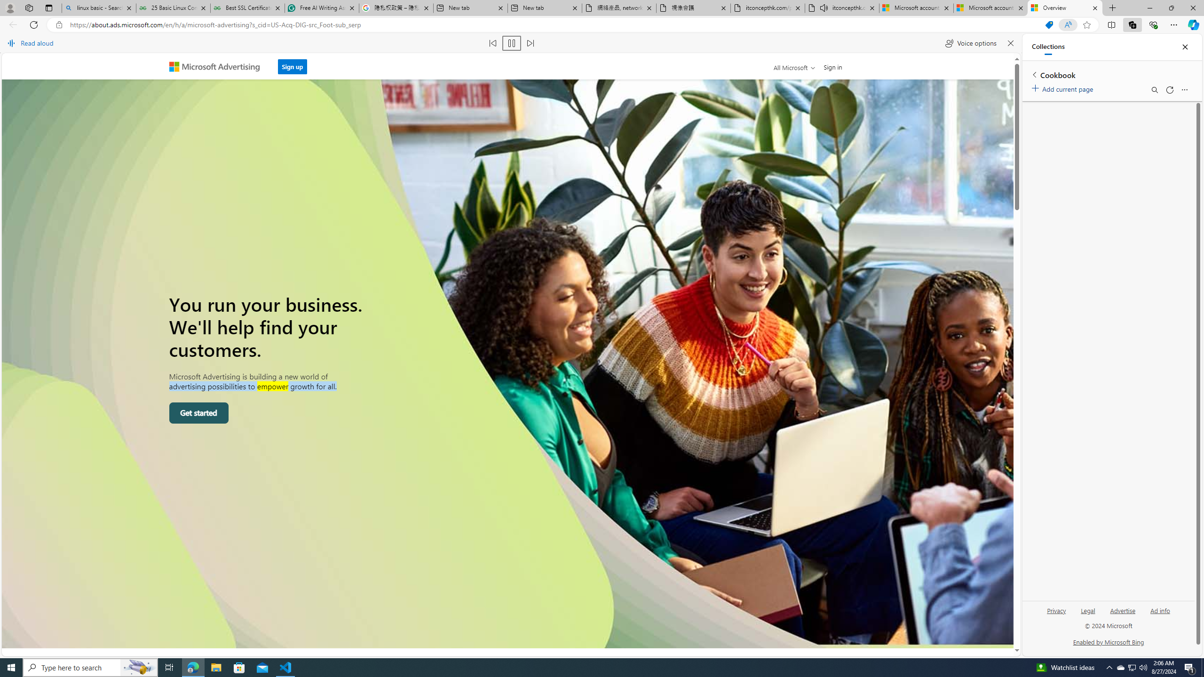 The height and width of the screenshot is (677, 1204). What do you see at coordinates (98, 8) in the screenshot?
I see `'linux basic - Search'` at bounding box center [98, 8].